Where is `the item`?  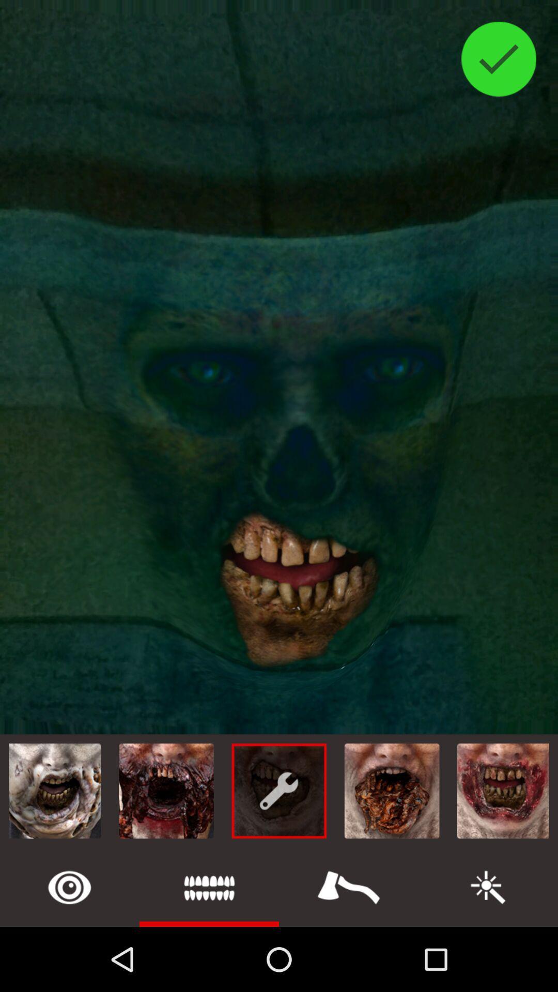 the item is located at coordinates (349, 887).